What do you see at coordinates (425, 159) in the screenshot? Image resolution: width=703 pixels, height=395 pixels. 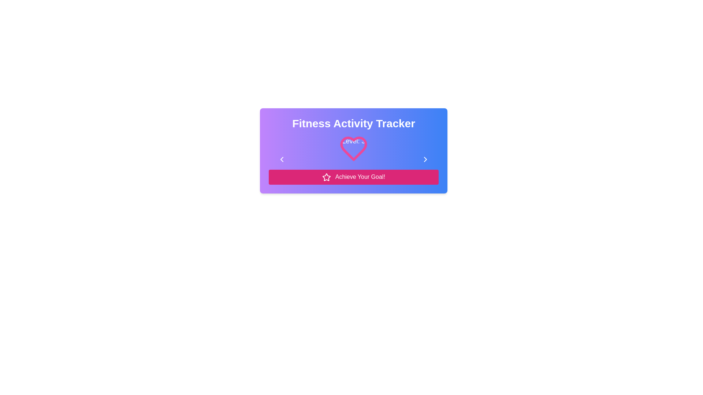 I see `the right-pointing chevron icon on the blue background located in the top-right corner of the 'Fitness Activity Tracker' card` at bounding box center [425, 159].